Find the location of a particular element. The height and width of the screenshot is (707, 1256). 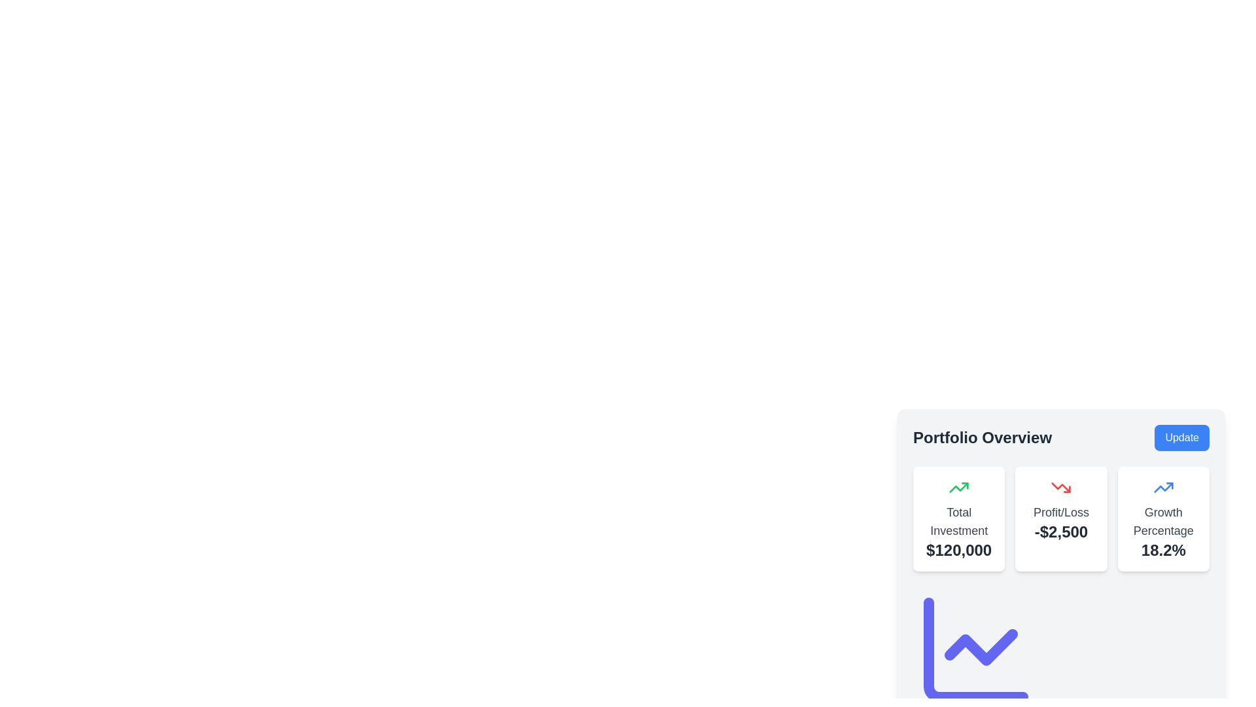

the 'Profit/Loss' card component, which features a white background, rounded corners, and contains an icon of a downward trend, the label 'Profit/Loss' in gray text, and the value '-$2,500' in bold black text is located at coordinates (1061, 518).